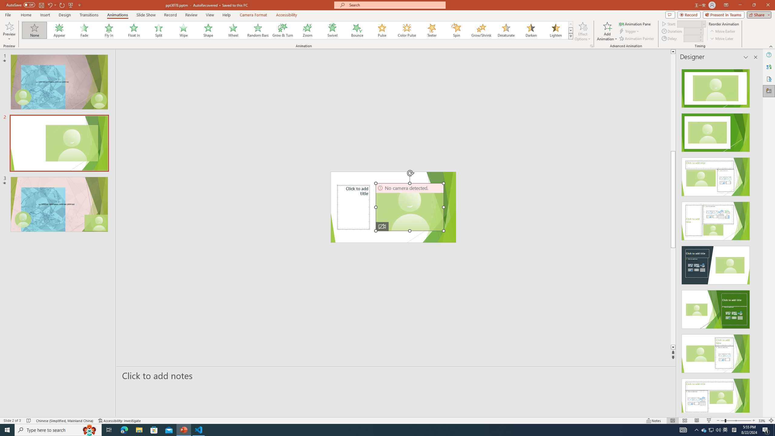 This screenshot has height=436, width=775. What do you see at coordinates (208, 30) in the screenshot?
I see `'Shape'` at bounding box center [208, 30].